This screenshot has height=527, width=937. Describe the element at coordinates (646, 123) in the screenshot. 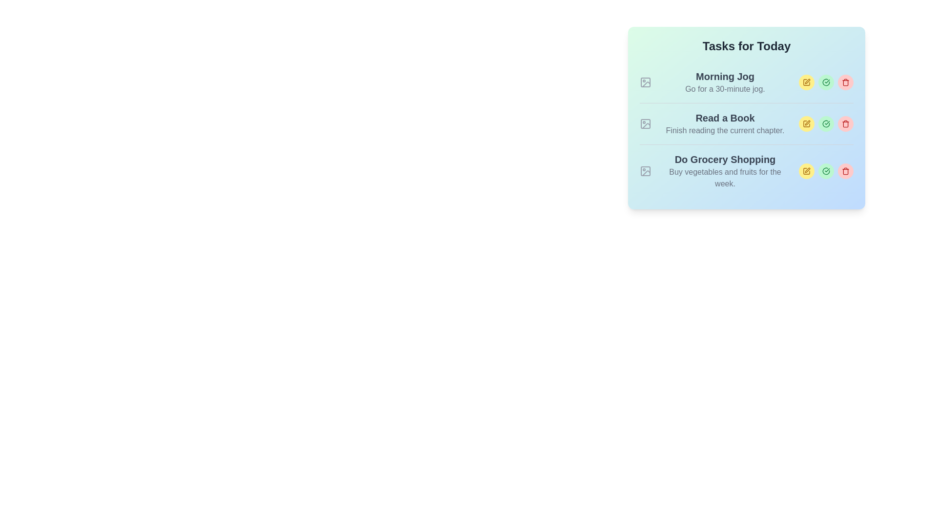

I see `the decorative icon positioned to the left of the 'Read a Book' task in the vertically-stacked list of tasks` at that location.